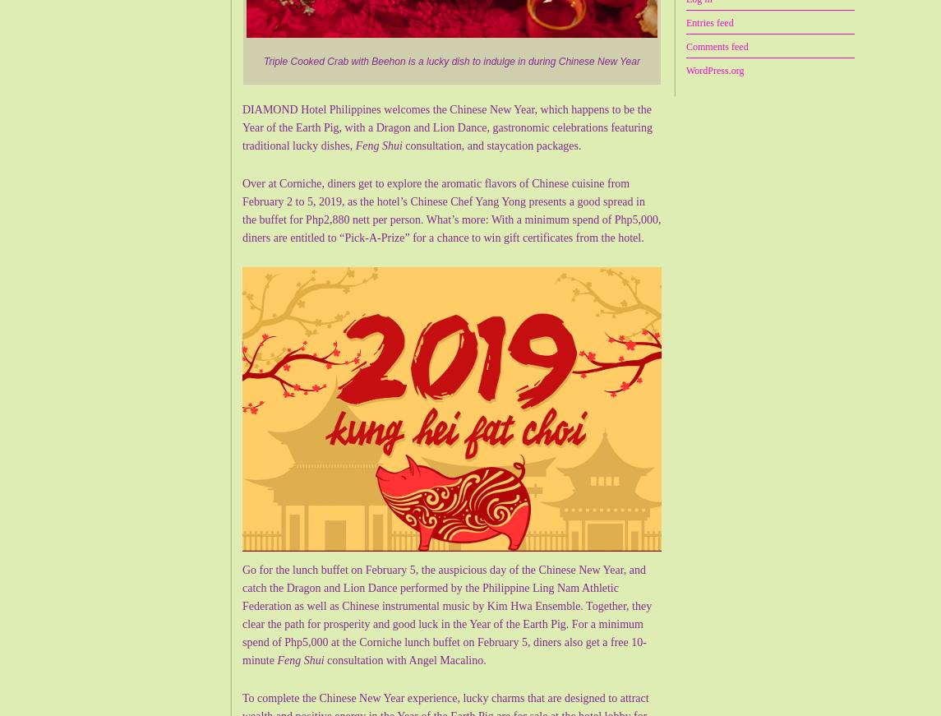 Image resolution: width=941 pixels, height=716 pixels. Describe the element at coordinates (404, 659) in the screenshot. I see `'consultation with Angel Macalino.'` at that location.